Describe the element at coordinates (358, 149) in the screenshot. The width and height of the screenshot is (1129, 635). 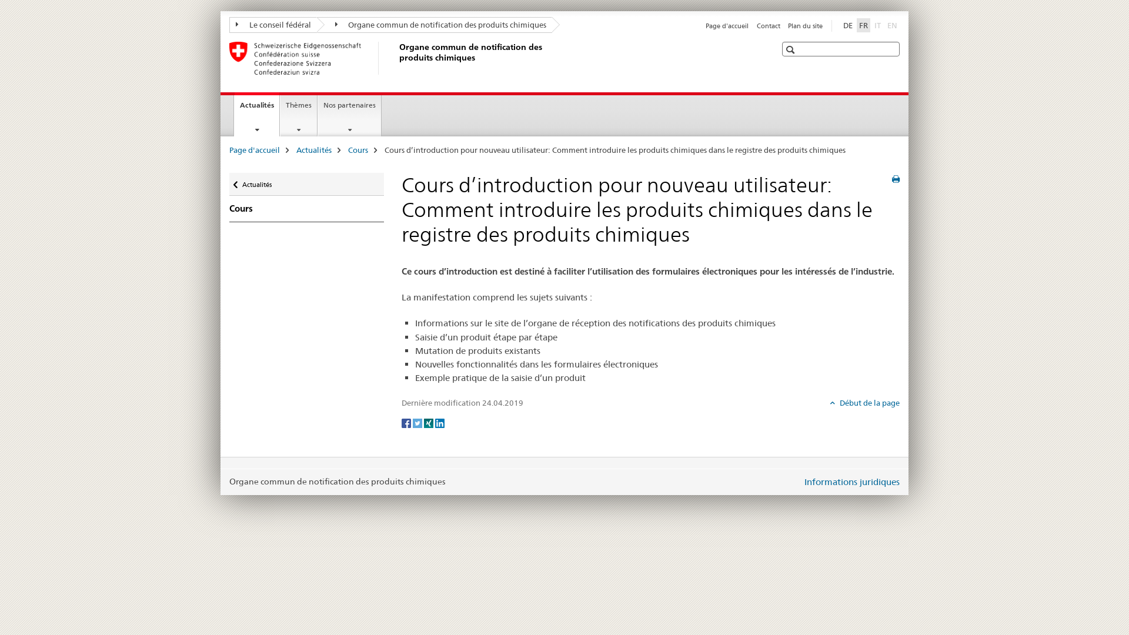
I see `'Cours'` at that location.